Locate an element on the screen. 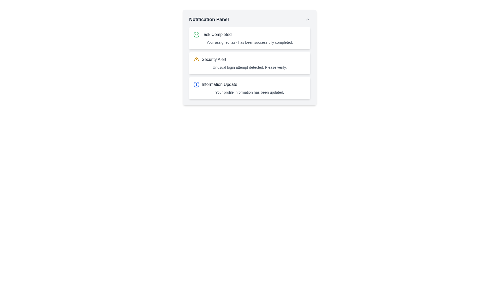 This screenshot has width=501, height=281. the 'Task Completed' text label, which is displayed in a medium-sized bold gray font and is centrally placed in the notification list is located at coordinates (217, 34).